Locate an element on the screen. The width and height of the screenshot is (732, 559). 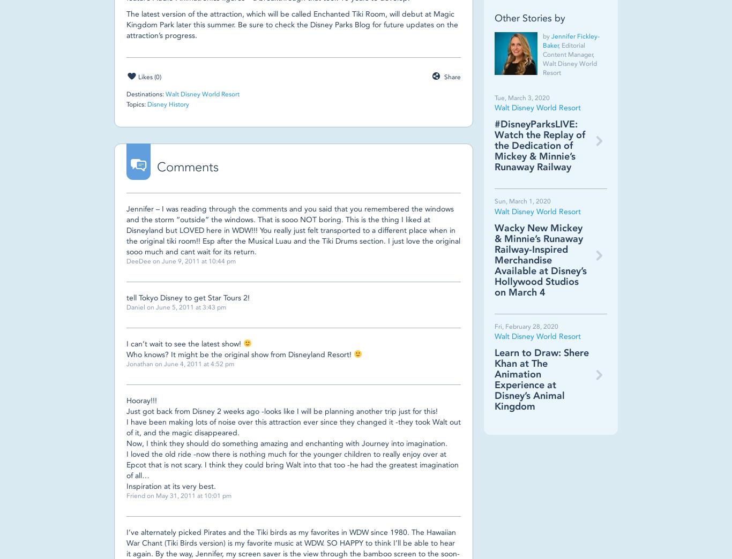
'DeeDee' is located at coordinates (138, 261).